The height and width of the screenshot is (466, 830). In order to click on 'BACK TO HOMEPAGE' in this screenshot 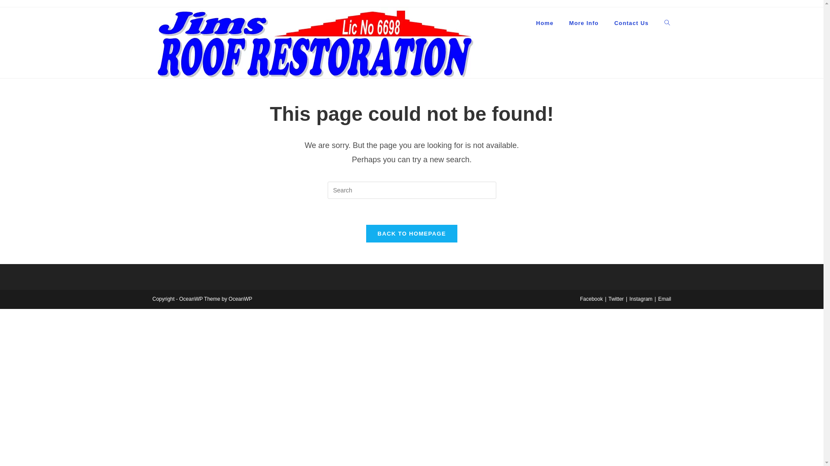, I will do `click(411, 233)`.